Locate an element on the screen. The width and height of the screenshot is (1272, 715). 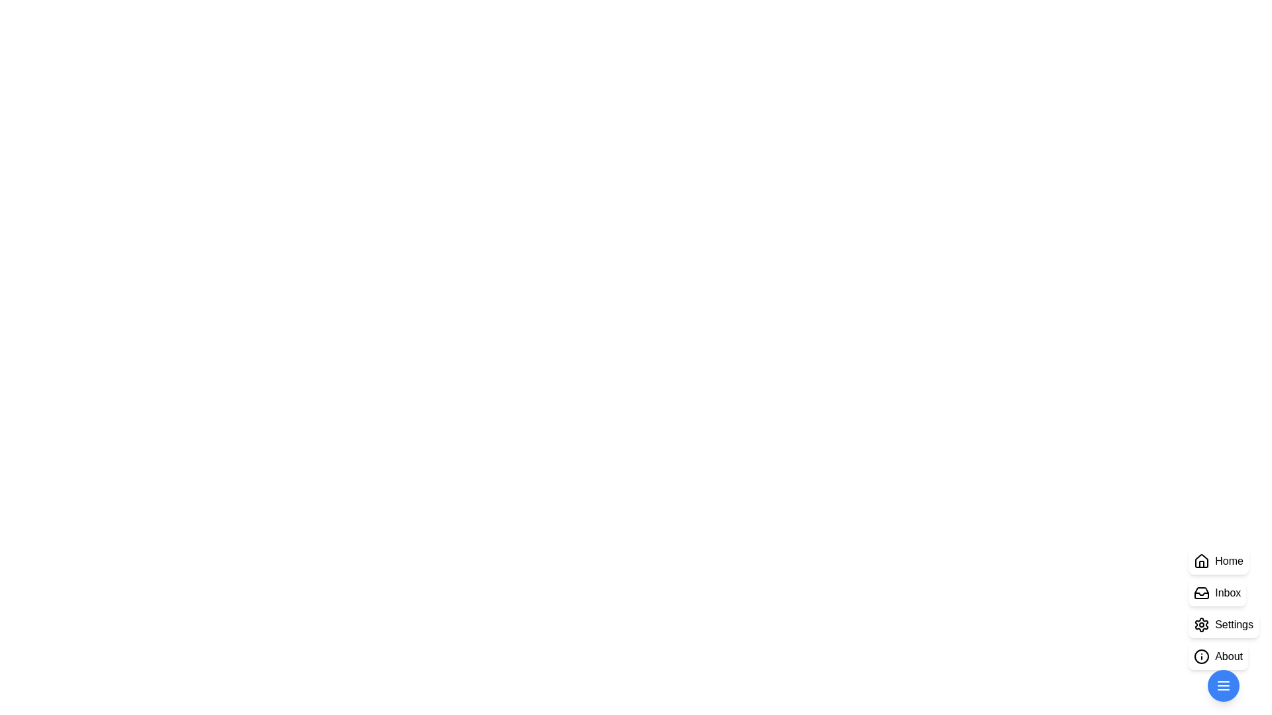
the 'Settings' button is located at coordinates (1223, 625).